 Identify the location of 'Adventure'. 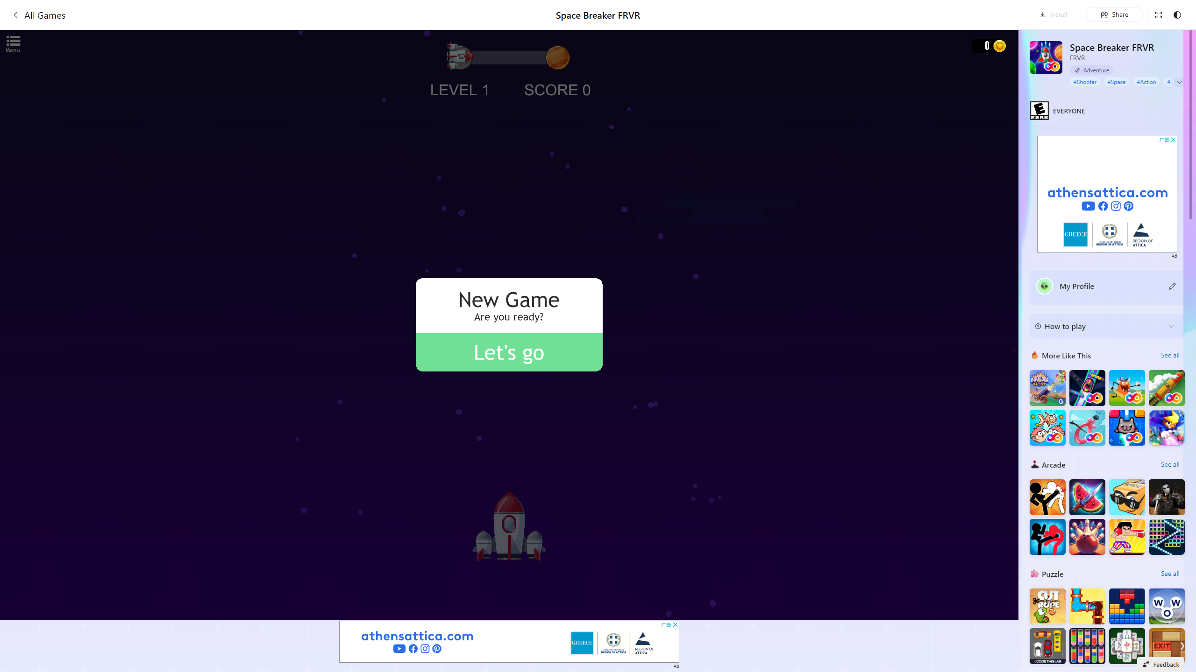
(1091, 70).